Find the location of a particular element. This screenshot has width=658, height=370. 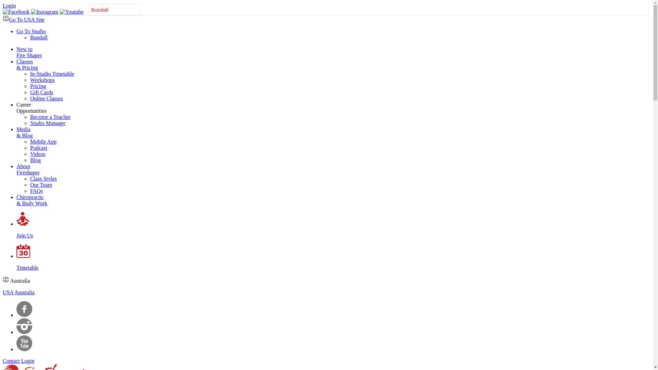

'Studio Manager' is located at coordinates (47, 123).